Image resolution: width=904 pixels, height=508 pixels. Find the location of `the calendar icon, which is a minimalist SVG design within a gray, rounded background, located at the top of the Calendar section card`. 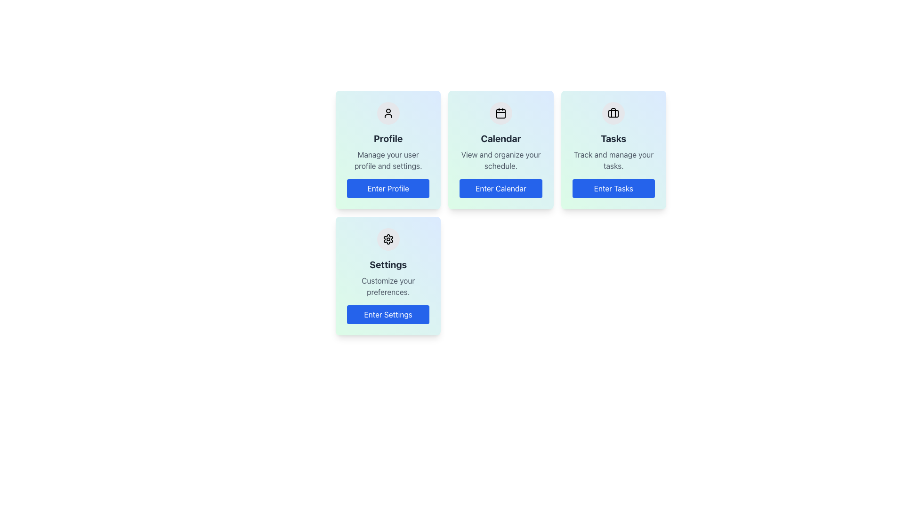

the calendar icon, which is a minimalist SVG design within a gray, rounded background, located at the top of the Calendar section card is located at coordinates (500, 112).